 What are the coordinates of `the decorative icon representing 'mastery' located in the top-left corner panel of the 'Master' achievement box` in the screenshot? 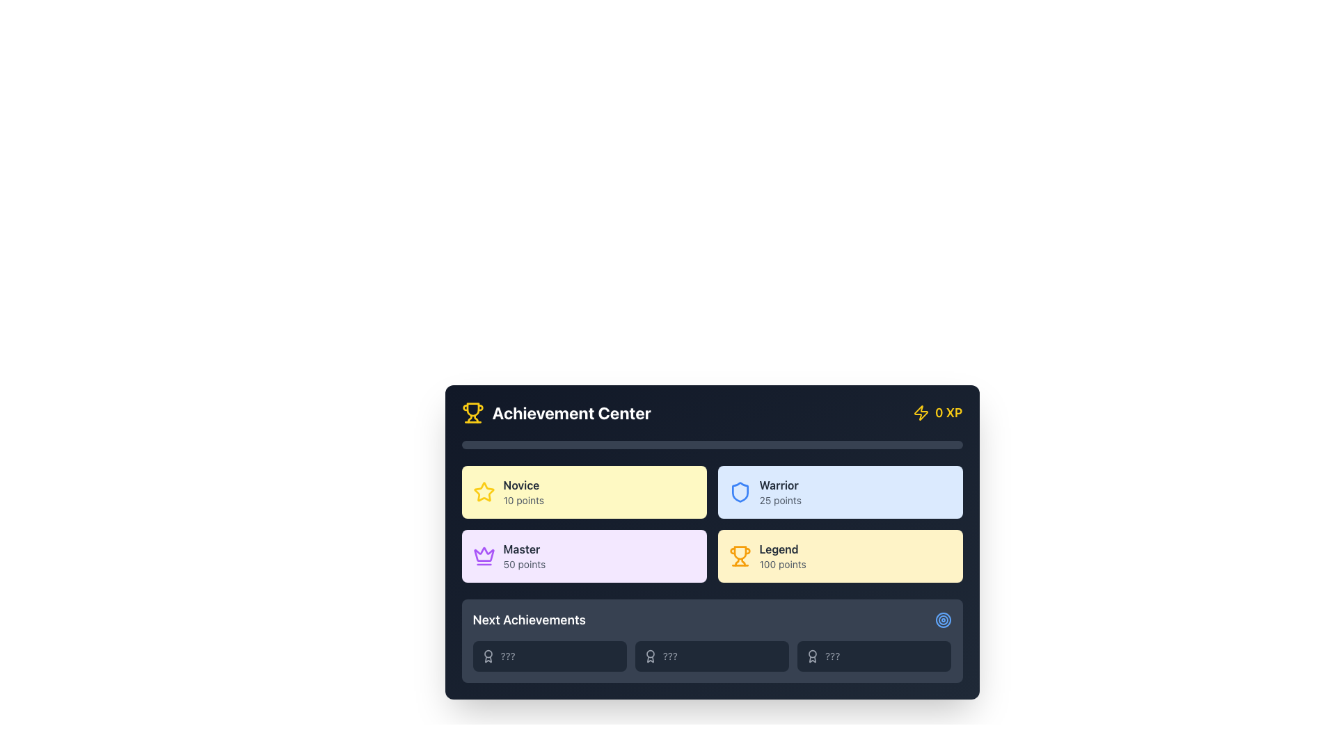 It's located at (484, 554).